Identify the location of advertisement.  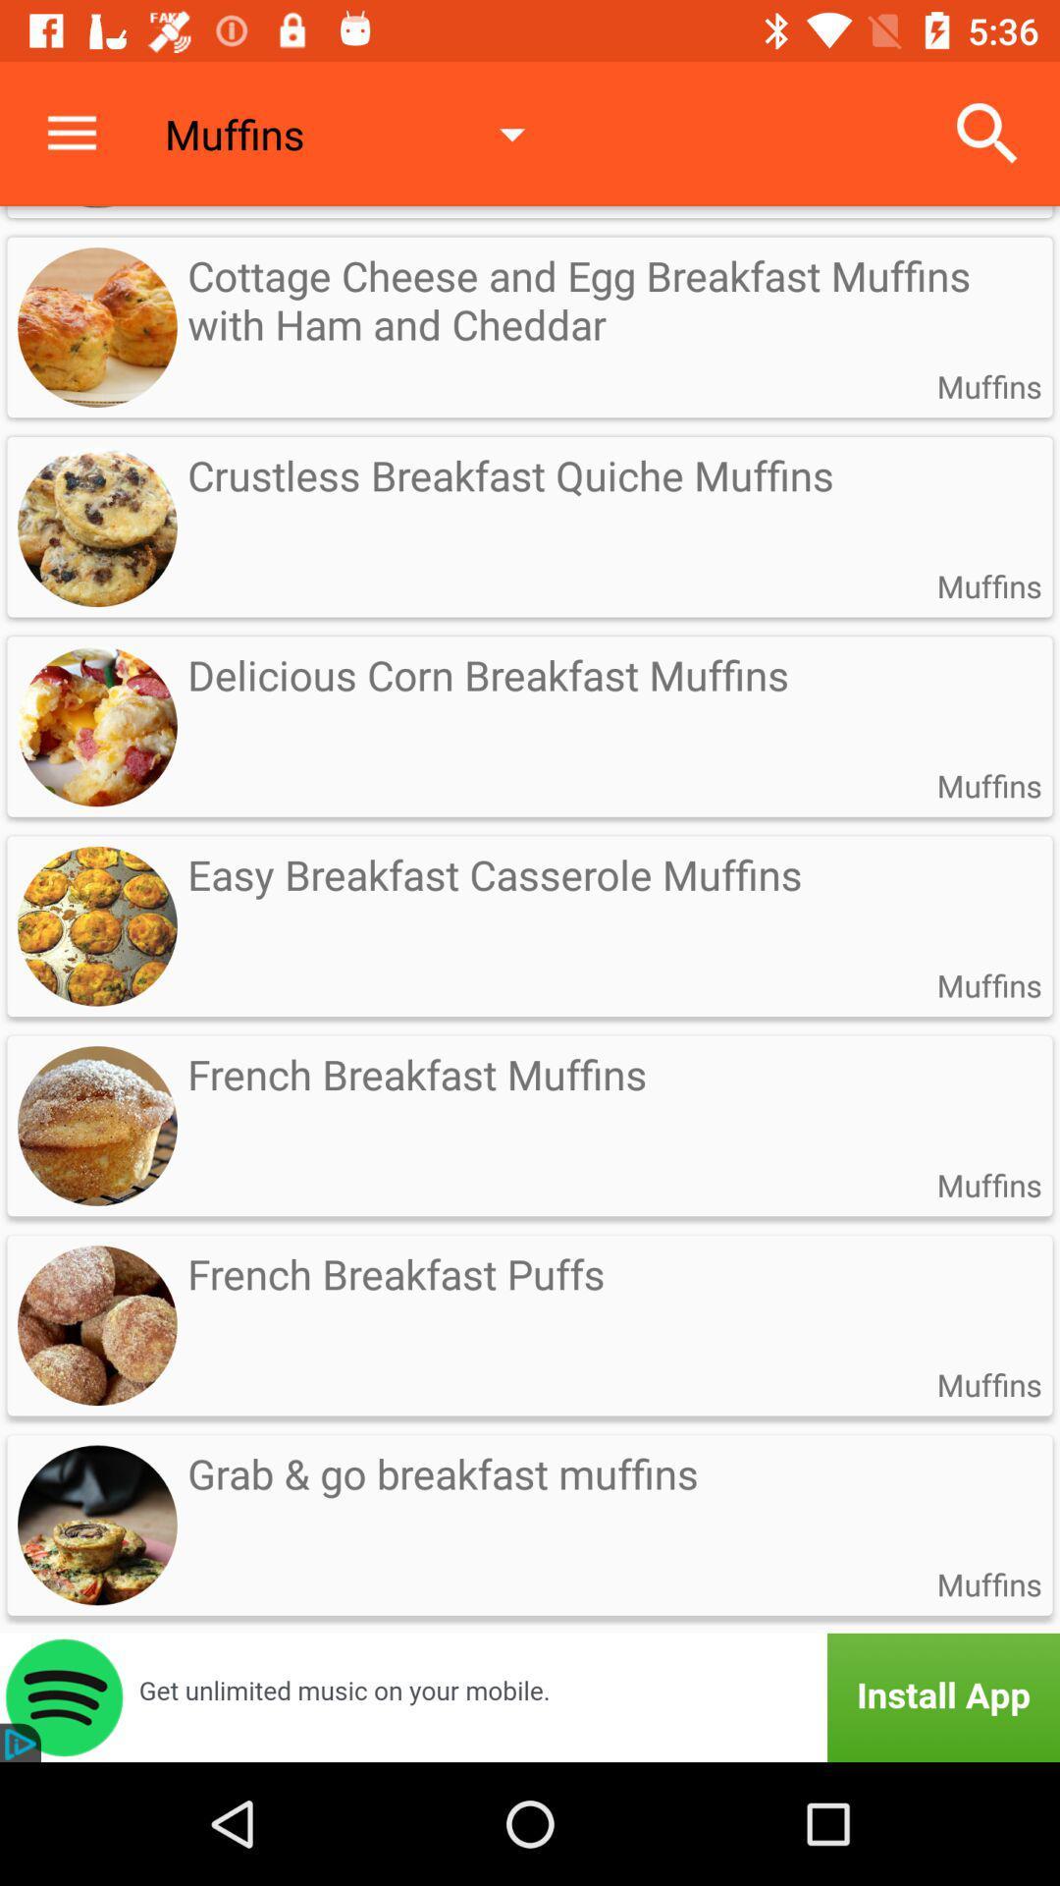
(530, 1696).